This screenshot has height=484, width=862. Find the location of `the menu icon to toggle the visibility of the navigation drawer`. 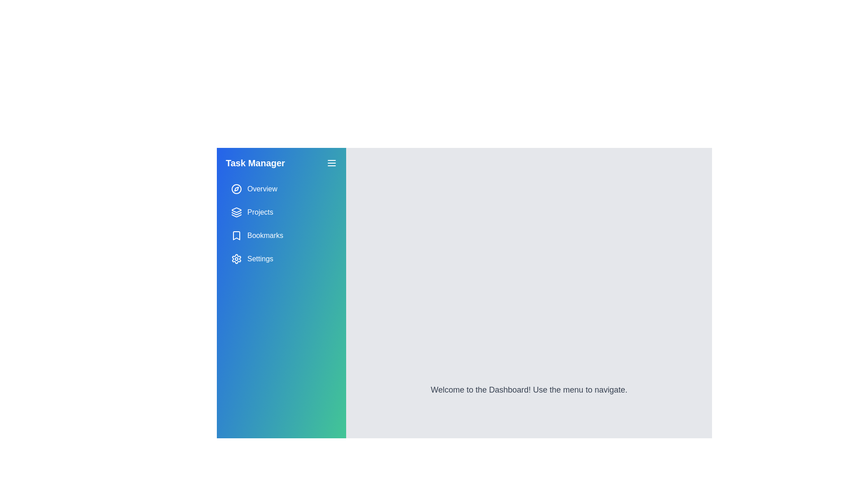

the menu icon to toggle the visibility of the navigation drawer is located at coordinates (331, 163).